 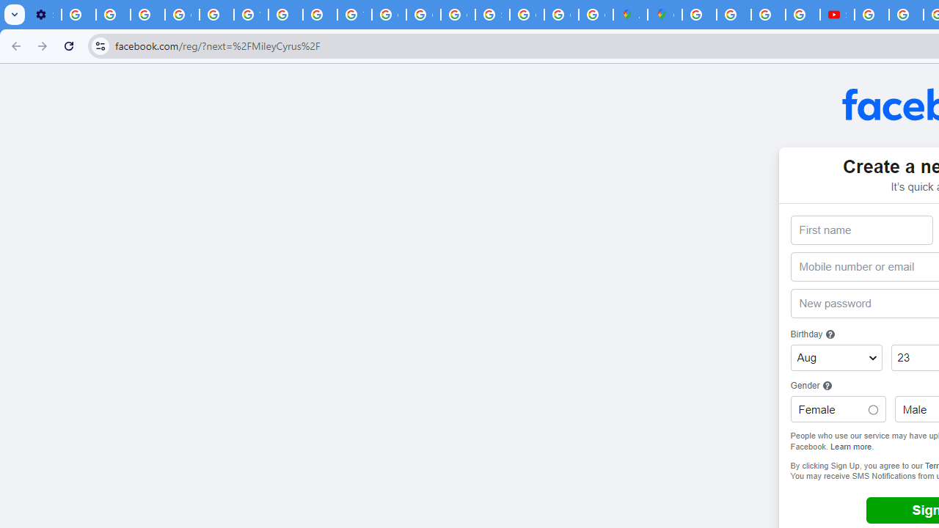 I want to click on 'Reload', so click(x=68, y=45).